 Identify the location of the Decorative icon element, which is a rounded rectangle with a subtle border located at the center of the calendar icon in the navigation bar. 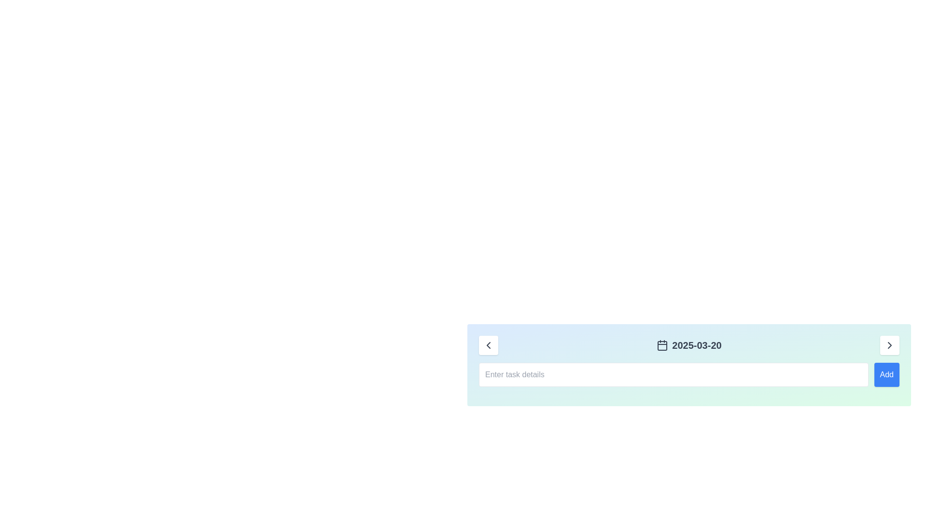
(662, 345).